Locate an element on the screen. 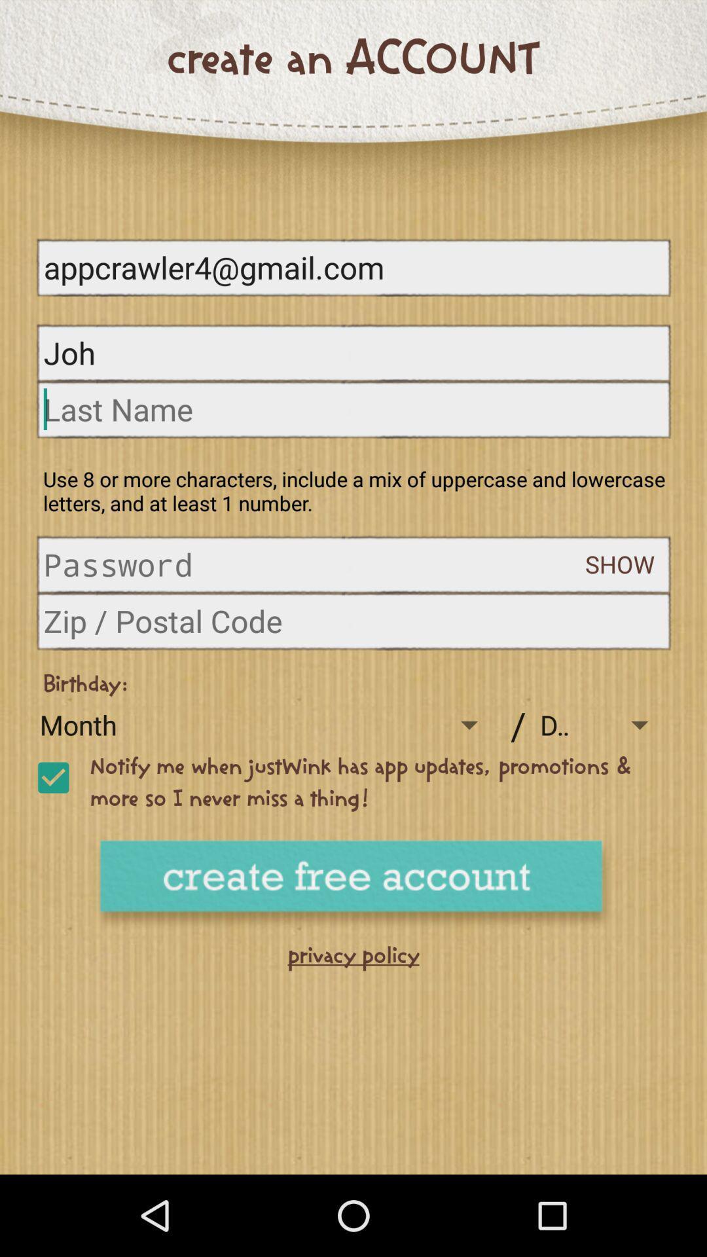 This screenshot has width=707, height=1257. selassie is located at coordinates (52, 778).